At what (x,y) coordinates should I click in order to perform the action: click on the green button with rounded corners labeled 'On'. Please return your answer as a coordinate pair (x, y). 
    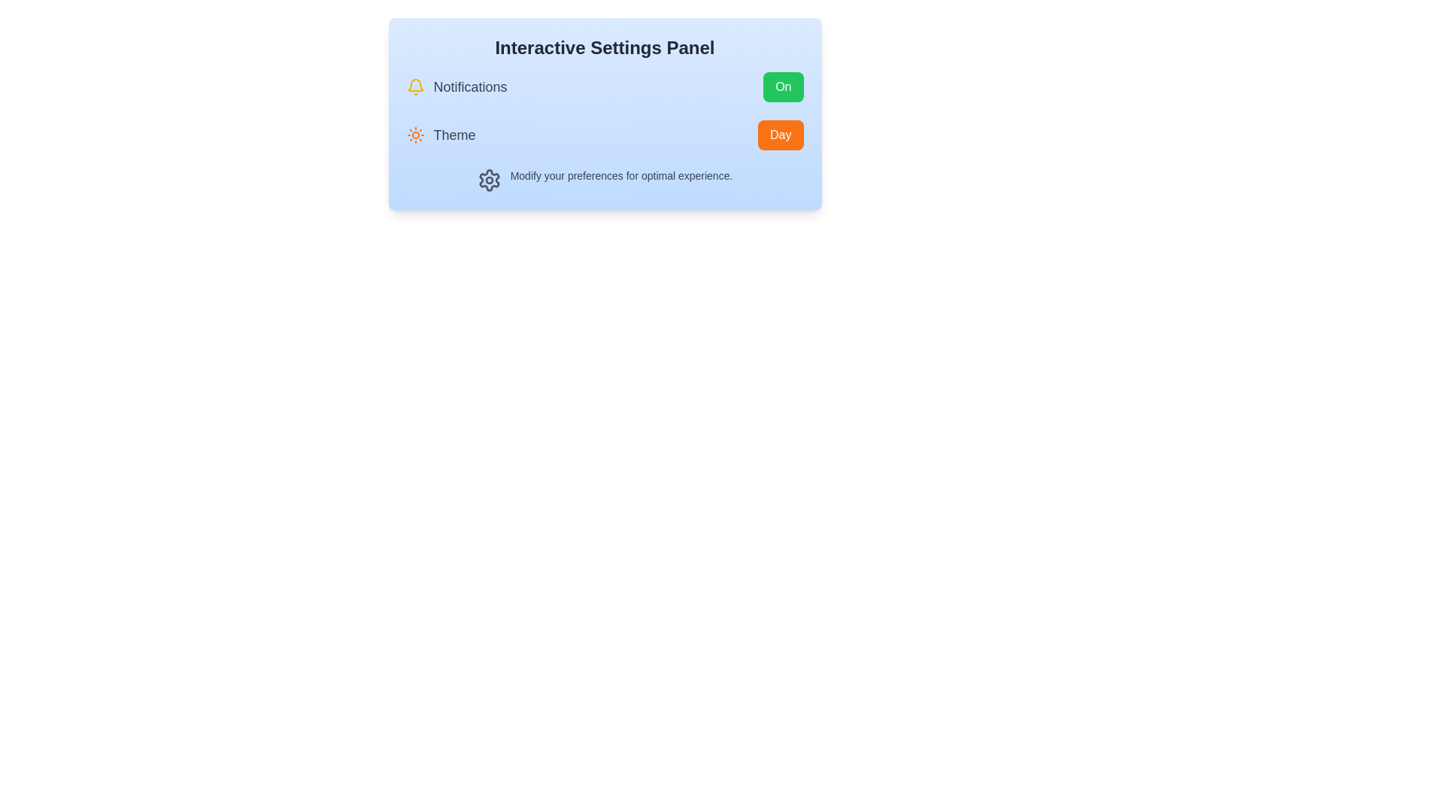
    Looking at the image, I should click on (782, 86).